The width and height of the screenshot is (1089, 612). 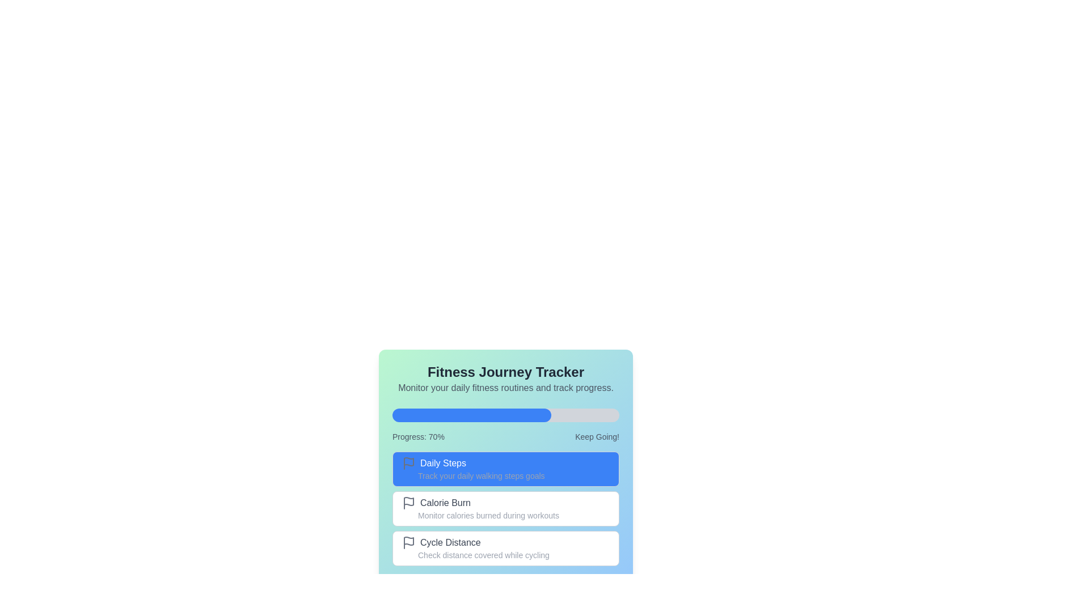 What do you see at coordinates (408, 541) in the screenshot?
I see `the gray flag icon located in the 'Daily Steps' section, positioned to the left of the blue text area` at bounding box center [408, 541].